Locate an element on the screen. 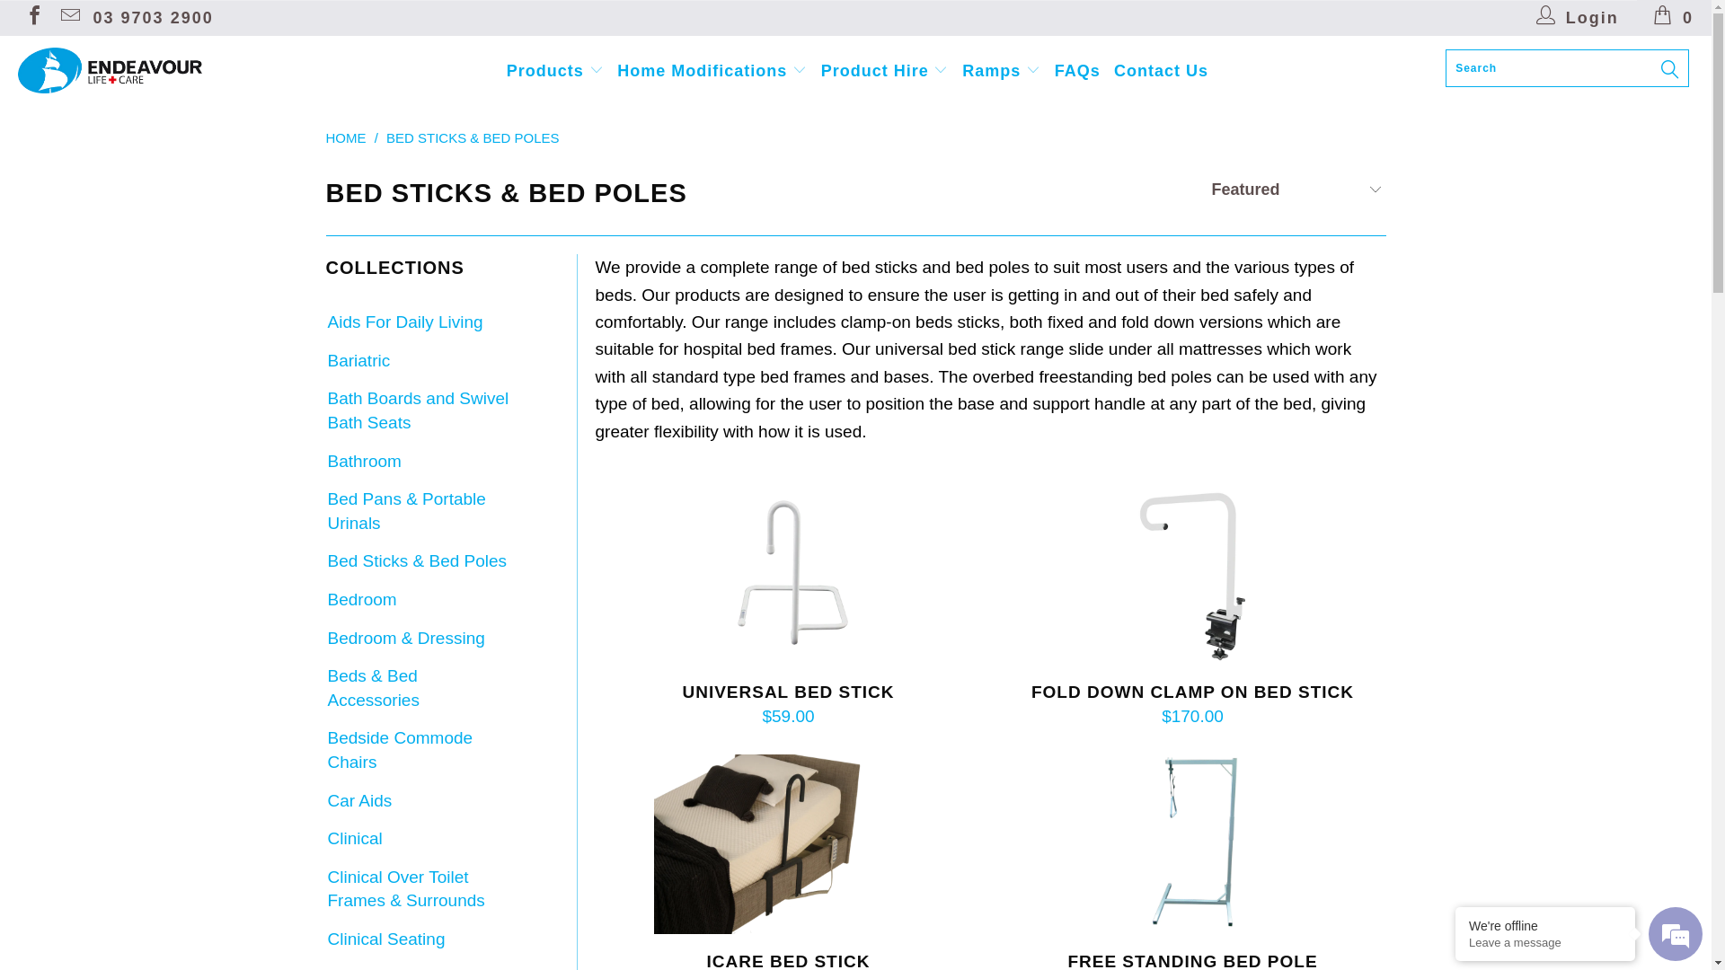 This screenshot has width=1725, height=970. 'Bed Sticks & Bed Poles' is located at coordinates (324, 560).